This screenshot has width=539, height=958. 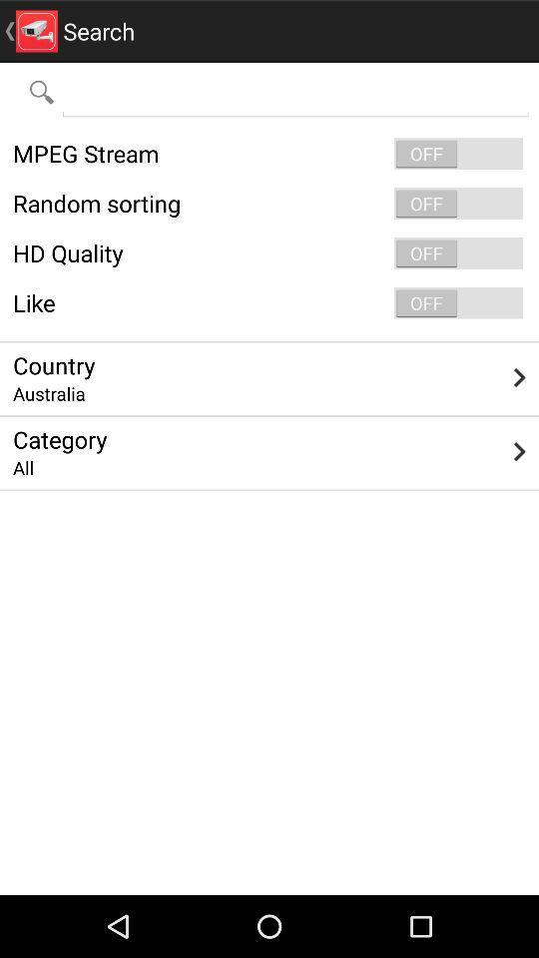 I want to click on mpeg stream icon, so click(x=269, y=153).